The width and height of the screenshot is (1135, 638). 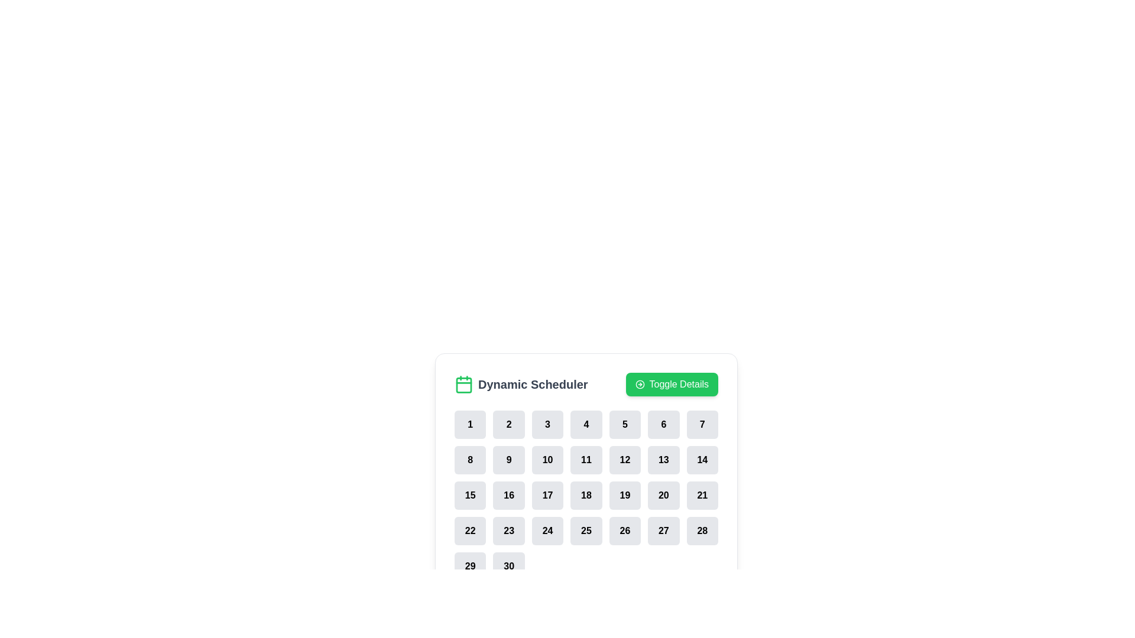 I want to click on the button representing the date '22', located in the fifth row and first column of a grid layout, so click(x=469, y=530).